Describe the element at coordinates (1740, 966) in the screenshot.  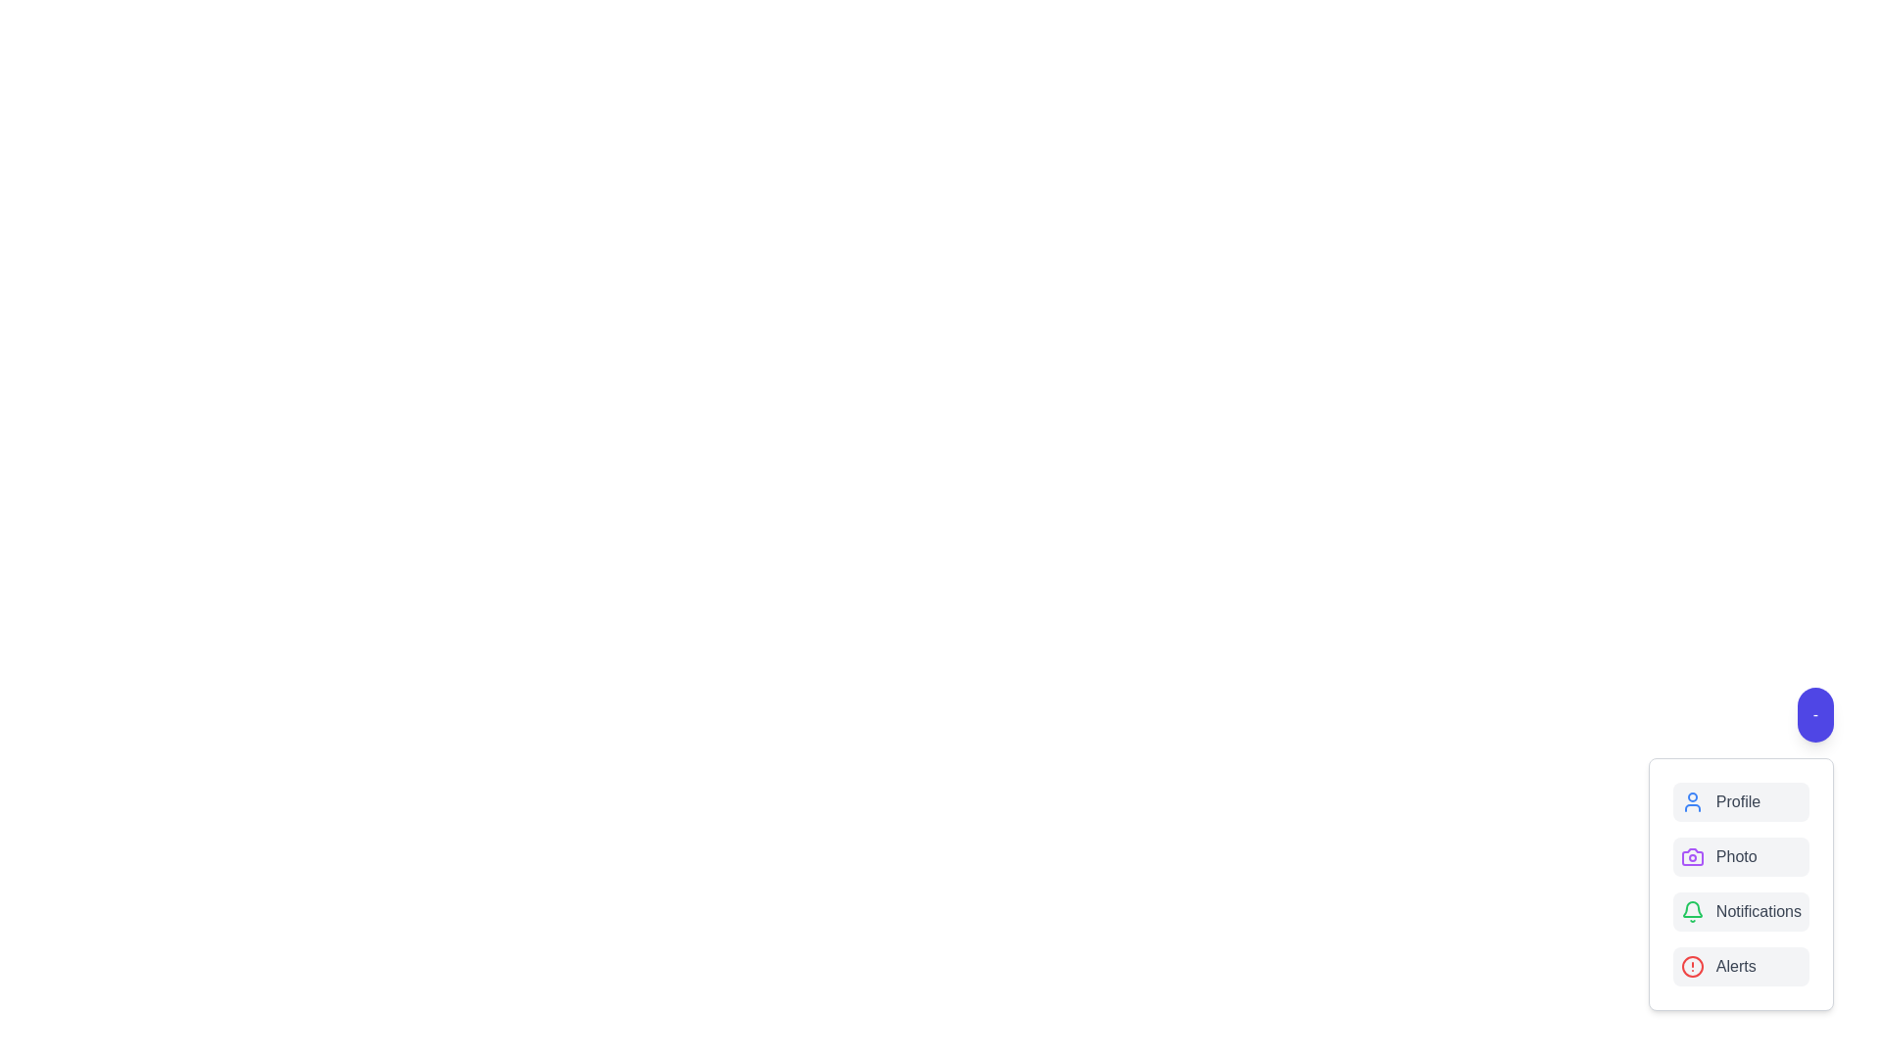
I see `the button labeled Alerts` at that location.